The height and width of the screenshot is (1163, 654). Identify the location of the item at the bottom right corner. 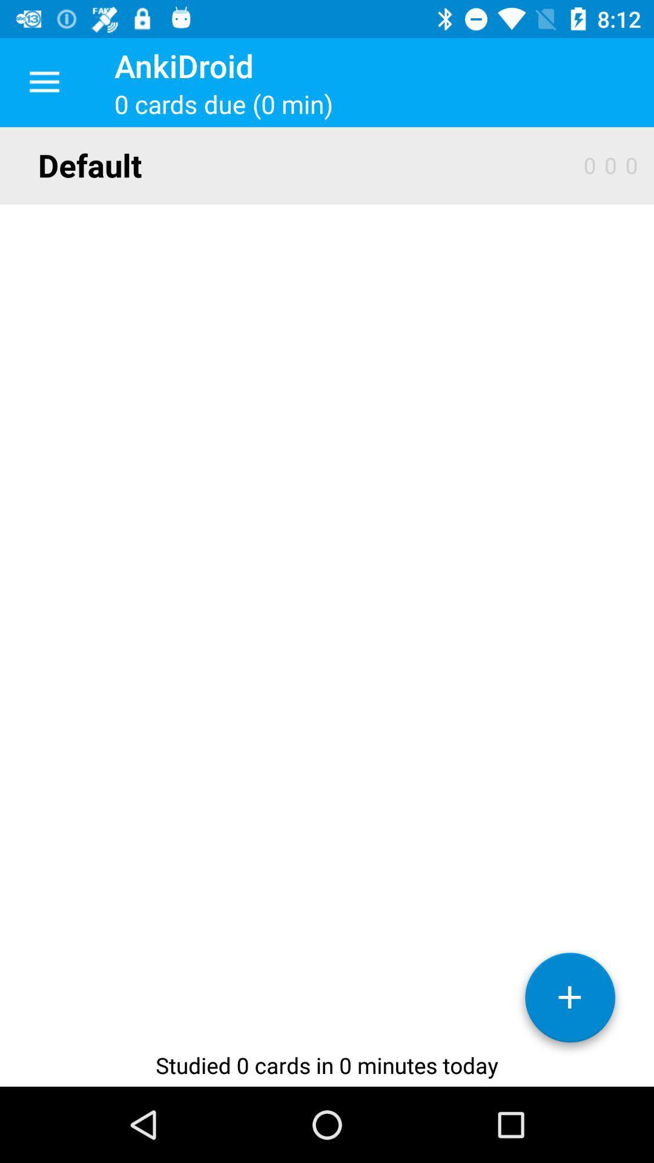
(570, 1002).